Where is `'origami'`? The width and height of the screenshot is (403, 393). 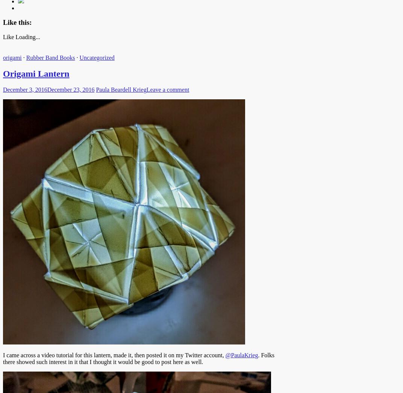
'origami' is located at coordinates (12, 57).